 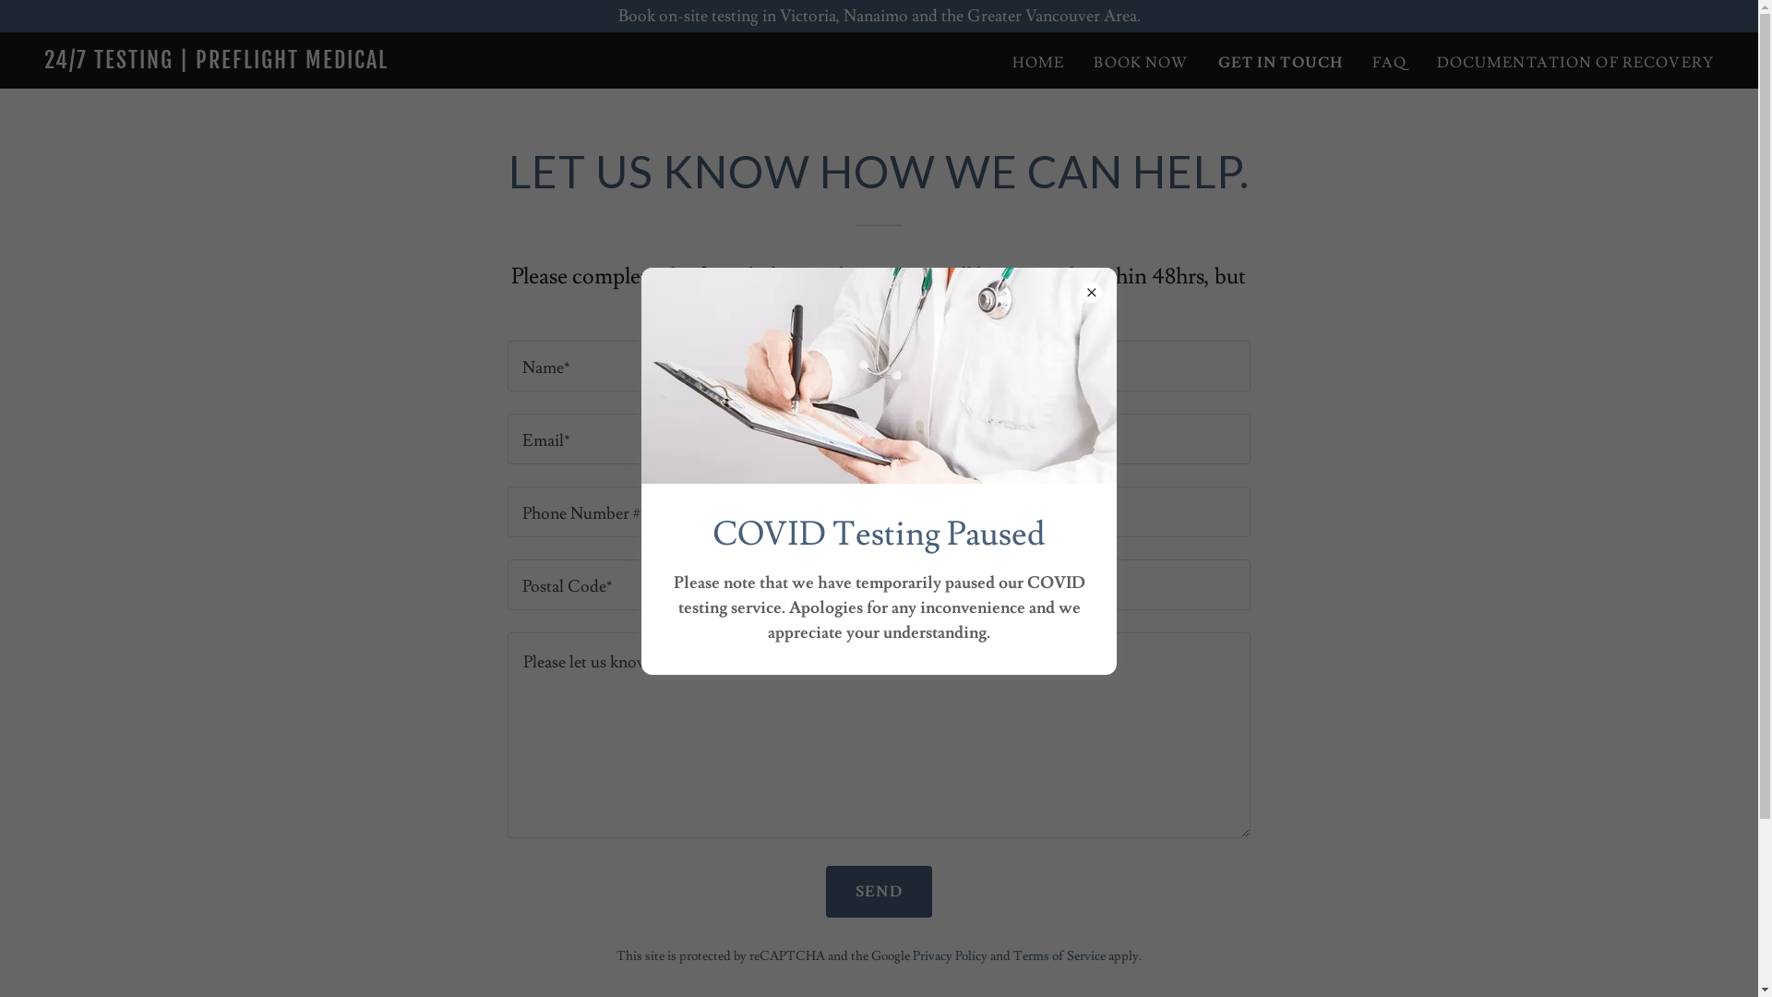 I want to click on 'Privacy Policy', so click(x=950, y=955).